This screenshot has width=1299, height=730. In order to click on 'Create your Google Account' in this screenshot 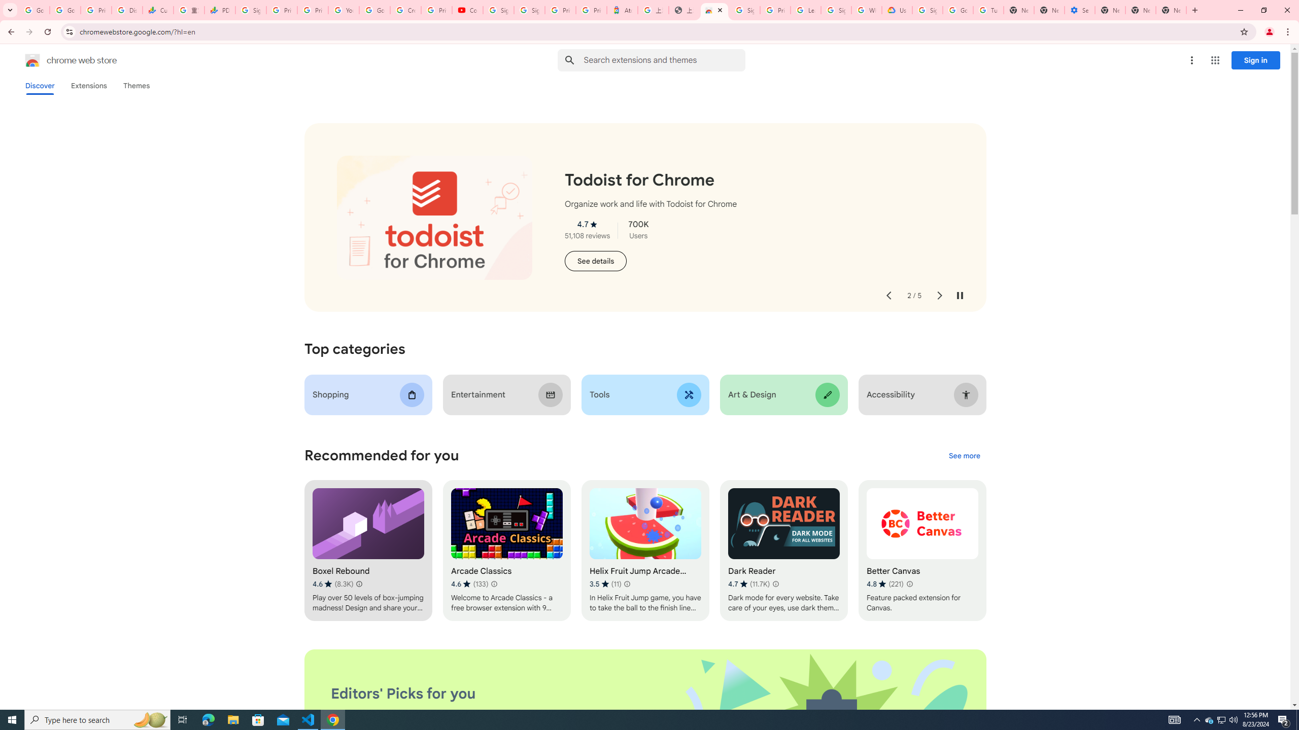, I will do `click(405, 10)`.